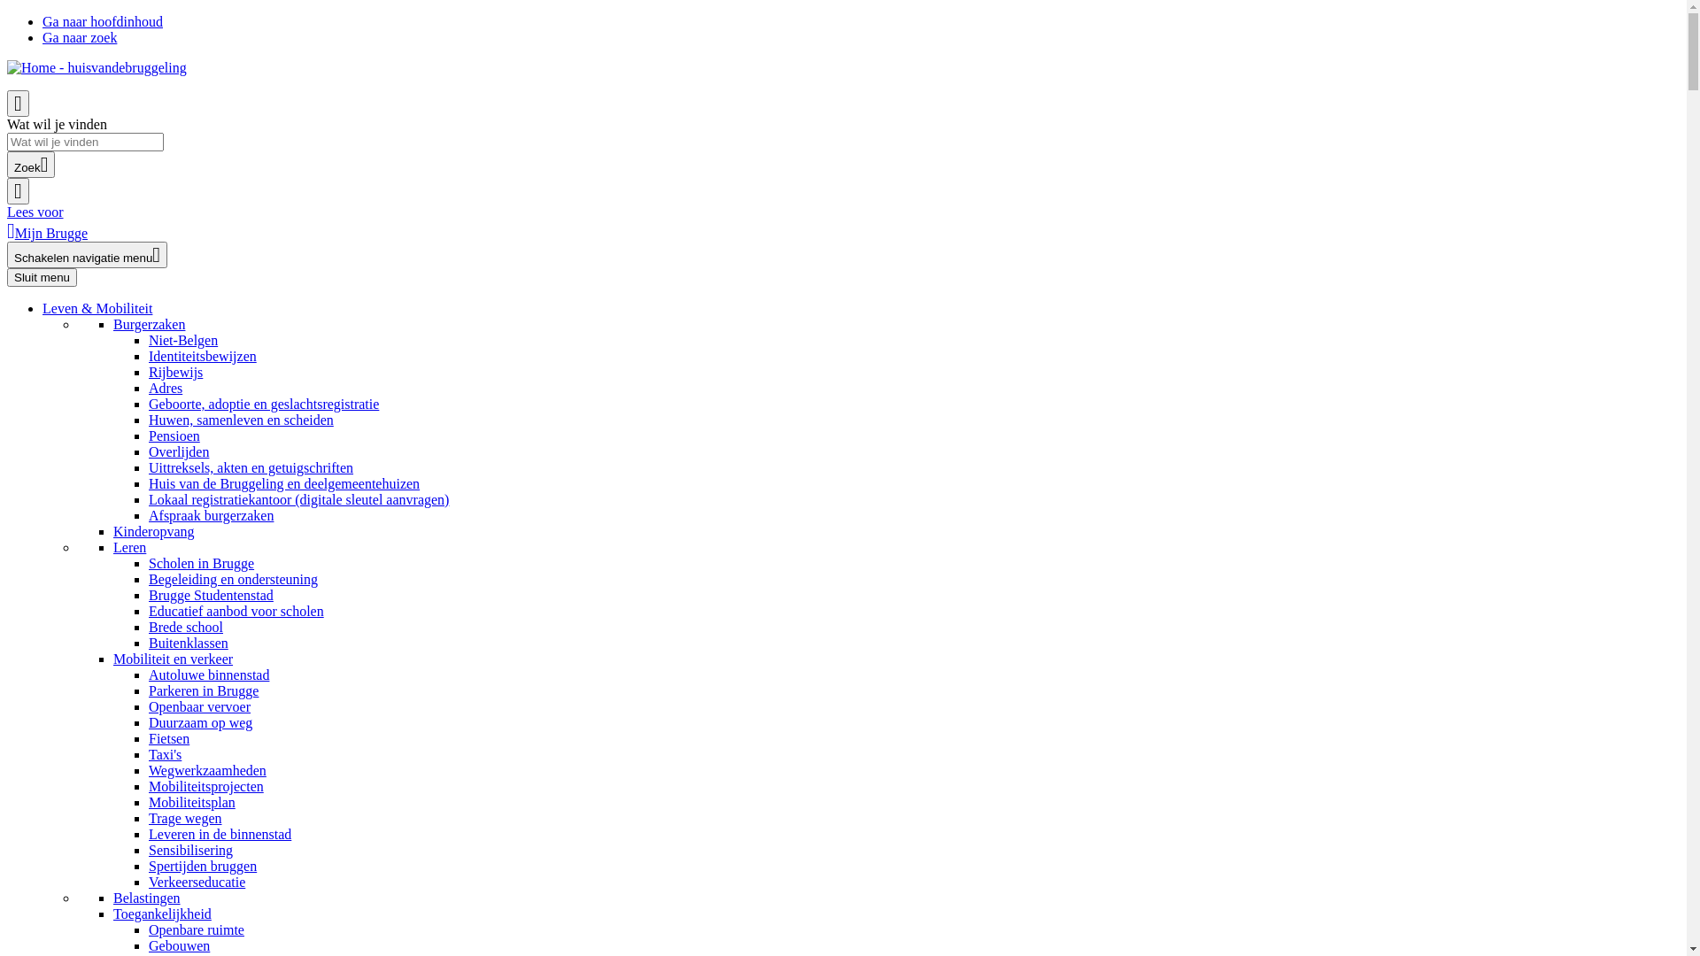 The width and height of the screenshot is (1700, 956). Describe the element at coordinates (147, 898) in the screenshot. I see `'Belastingen'` at that location.